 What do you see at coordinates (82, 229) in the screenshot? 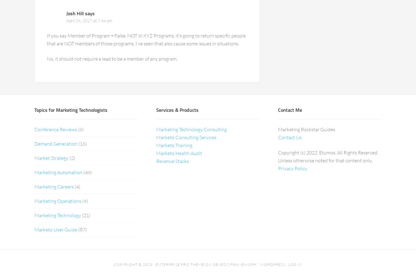
I see `'(87)'` at bounding box center [82, 229].